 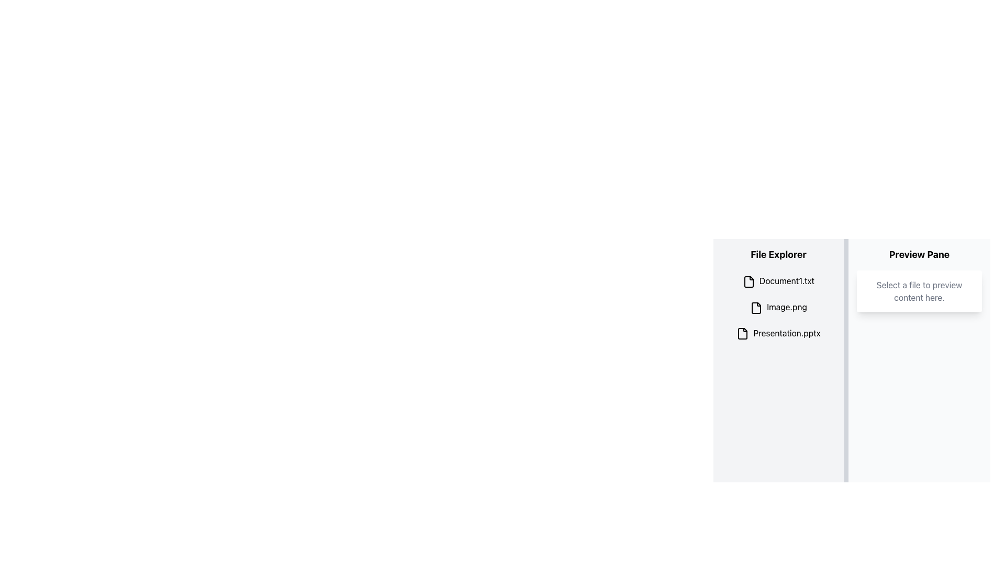 I want to click on the decorative background shape of the file icon for 'Image.png', so click(x=756, y=307).